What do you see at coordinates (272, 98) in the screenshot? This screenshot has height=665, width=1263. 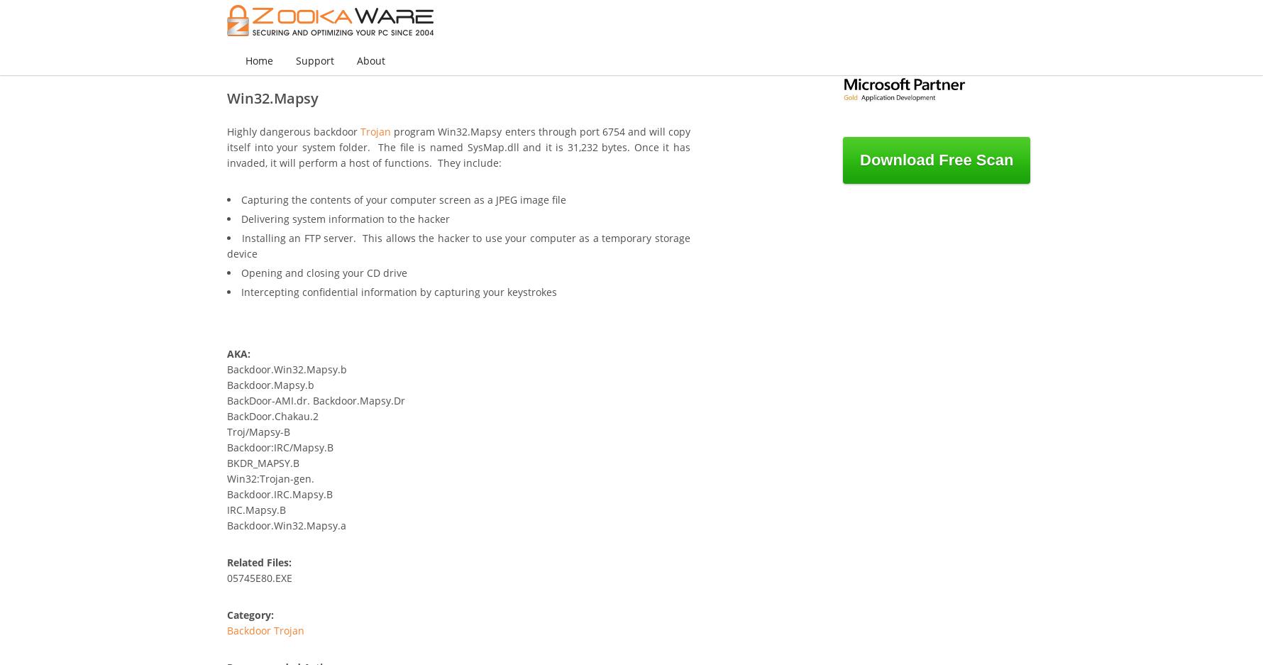 I see `'Win32.Mapsy'` at bounding box center [272, 98].